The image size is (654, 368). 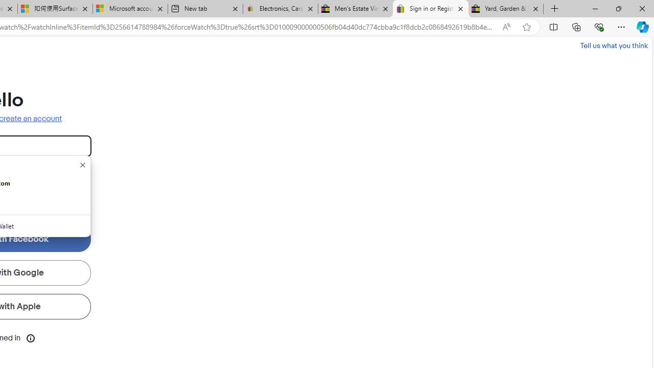 I want to click on 'Microsoft account | Account Checkup', so click(x=129, y=9).